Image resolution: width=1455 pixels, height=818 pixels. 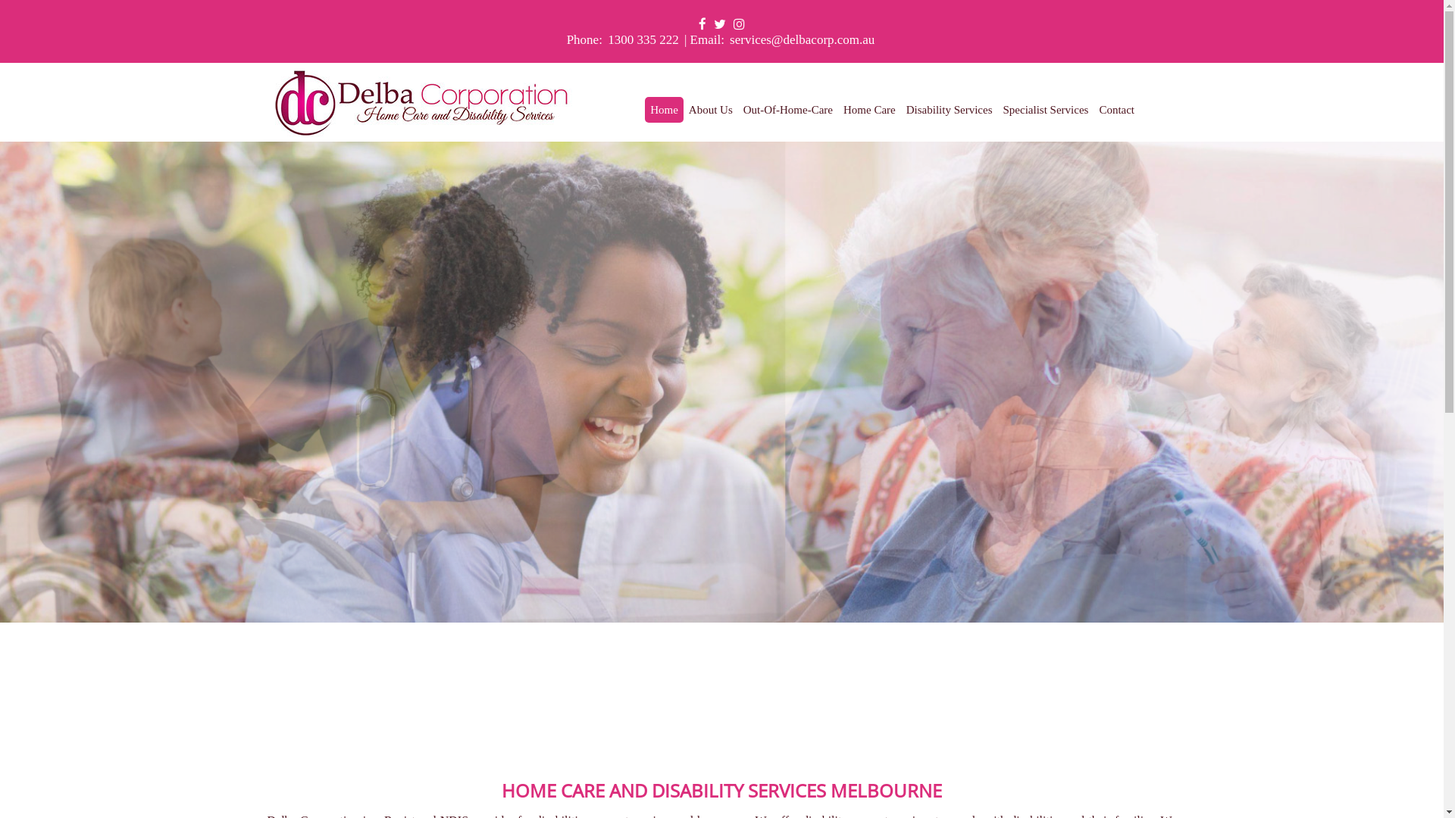 What do you see at coordinates (643, 39) in the screenshot?
I see `'1300 335 222'` at bounding box center [643, 39].